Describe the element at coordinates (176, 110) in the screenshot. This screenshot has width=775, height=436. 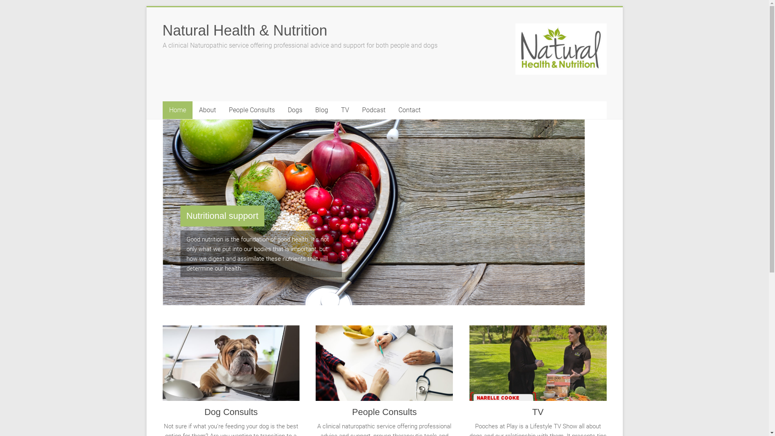
I see `'Home'` at that location.